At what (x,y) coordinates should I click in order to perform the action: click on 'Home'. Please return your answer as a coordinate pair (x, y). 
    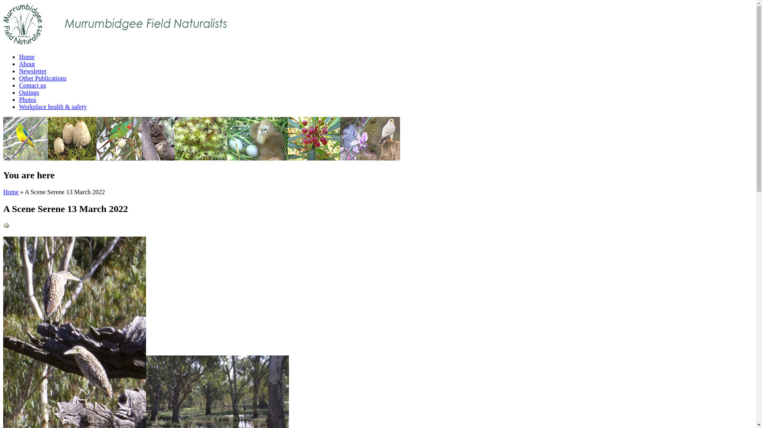
    Looking at the image, I should click on (27, 56).